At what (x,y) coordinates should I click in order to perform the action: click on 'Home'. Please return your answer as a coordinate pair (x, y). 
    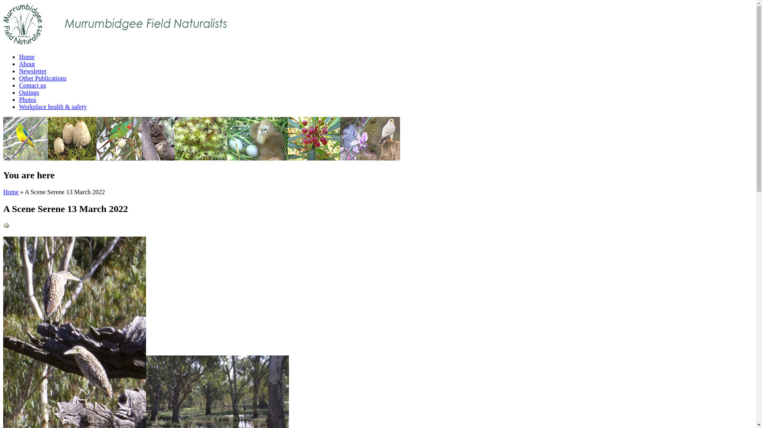
    Looking at the image, I should click on (27, 56).